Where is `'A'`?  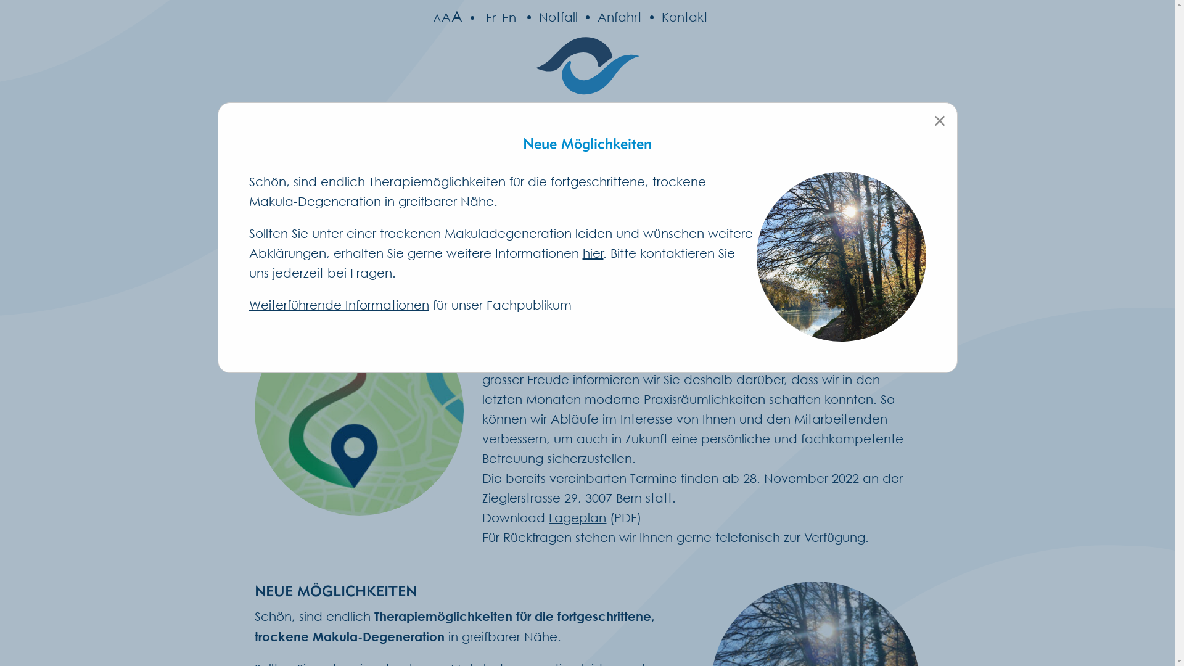 'A' is located at coordinates (441, 17).